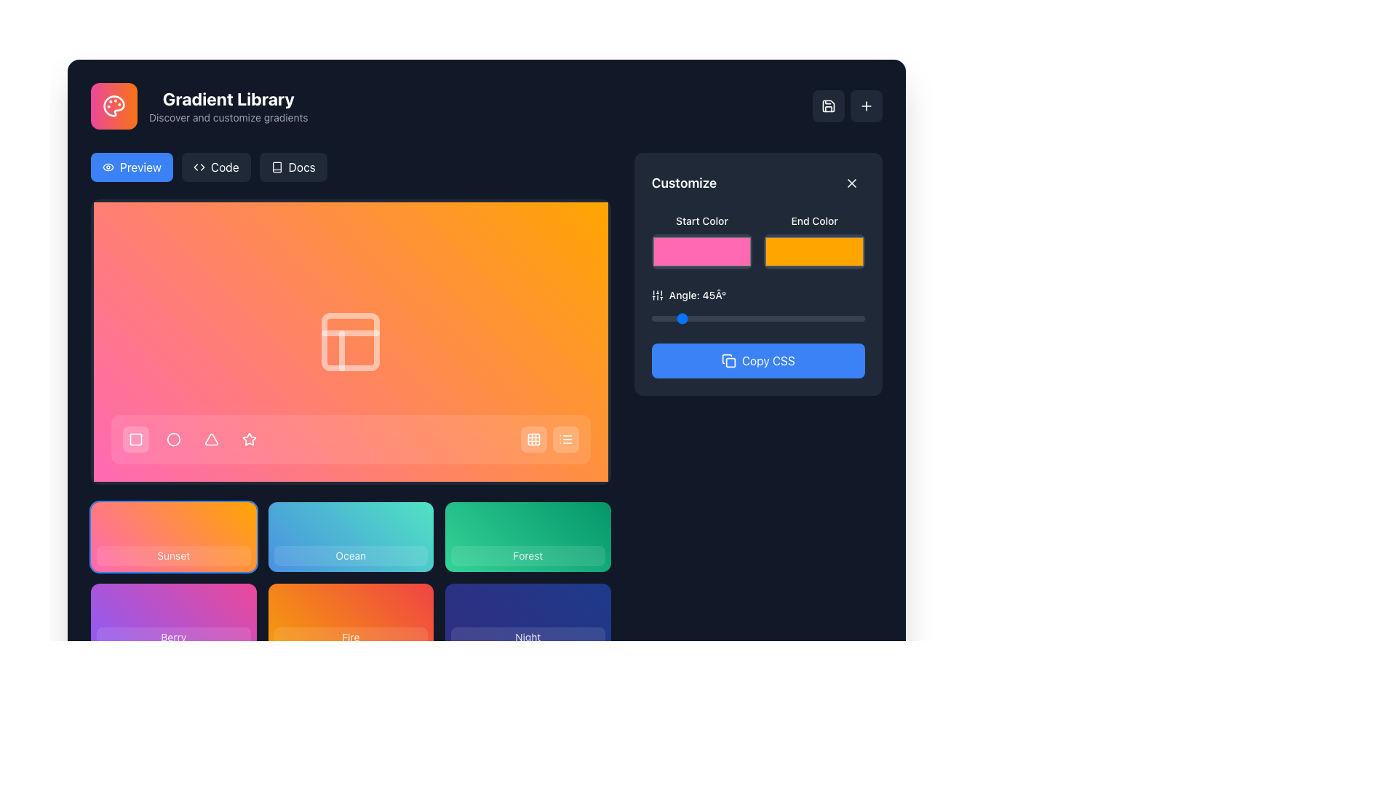 Image resolution: width=1397 pixels, height=786 pixels. Describe the element at coordinates (830, 318) in the screenshot. I see `the angle` at that location.